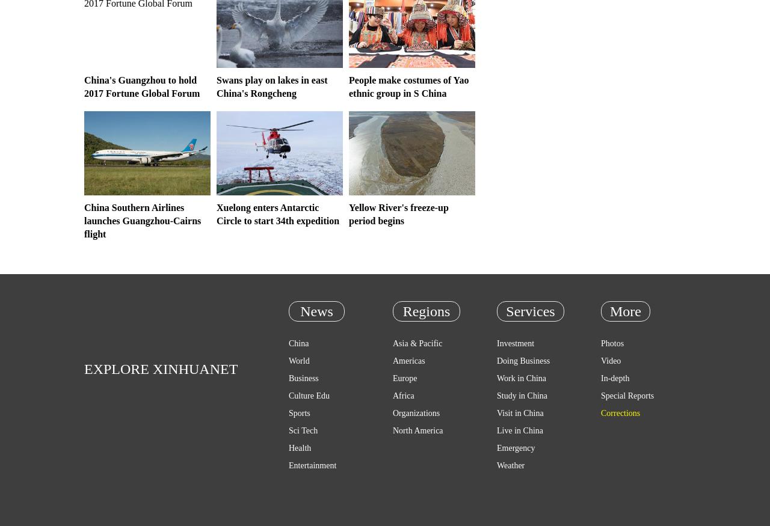 The width and height of the screenshot is (770, 526). What do you see at coordinates (300, 448) in the screenshot?
I see `'Health'` at bounding box center [300, 448].